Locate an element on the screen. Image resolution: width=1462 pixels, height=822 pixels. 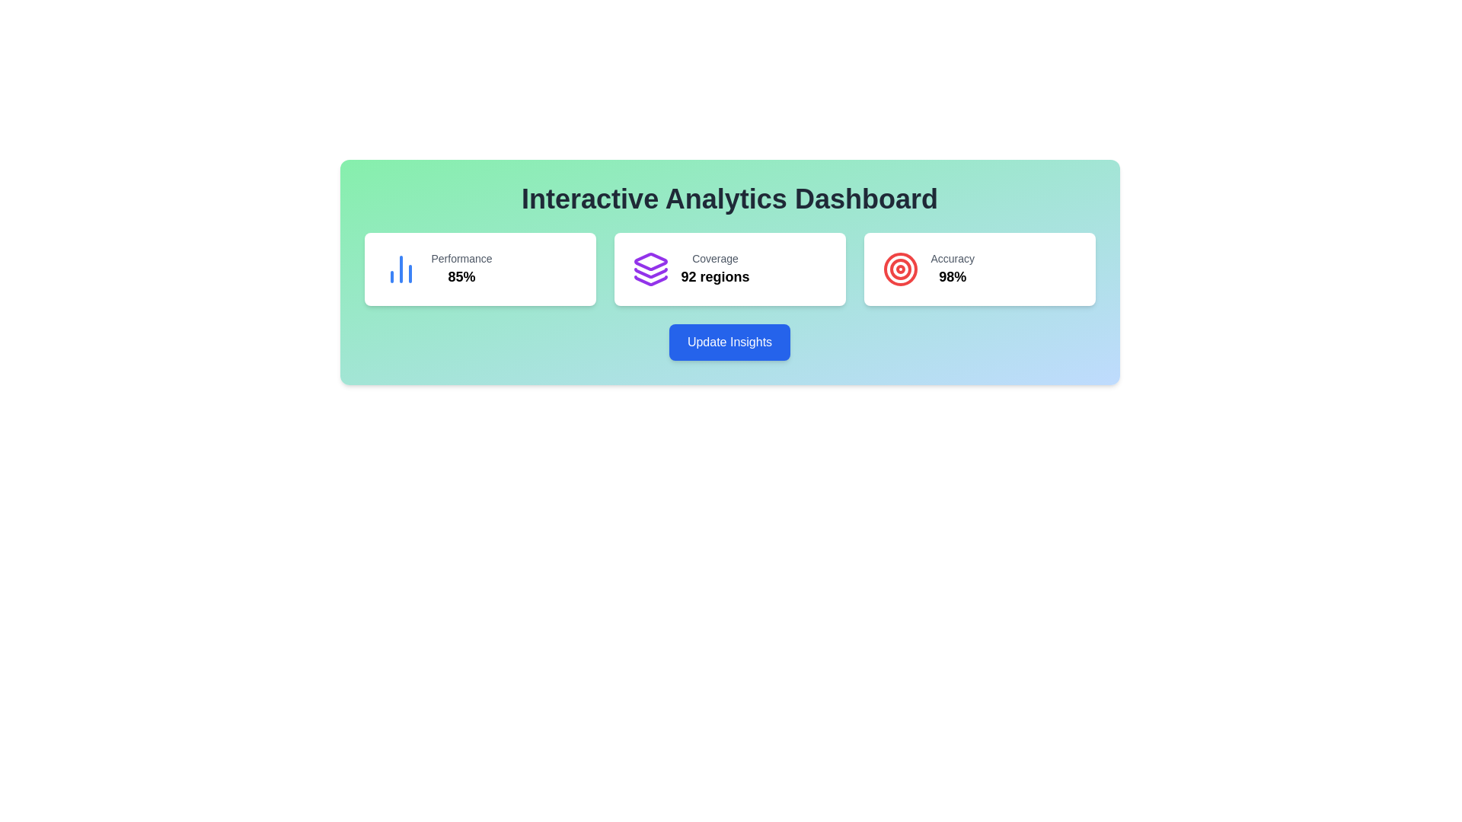
the 'Coverage' icon located at the top of the stack within the coverage card, which is the second card from the left on the dashboard layout is located at coordinates (650, 260).